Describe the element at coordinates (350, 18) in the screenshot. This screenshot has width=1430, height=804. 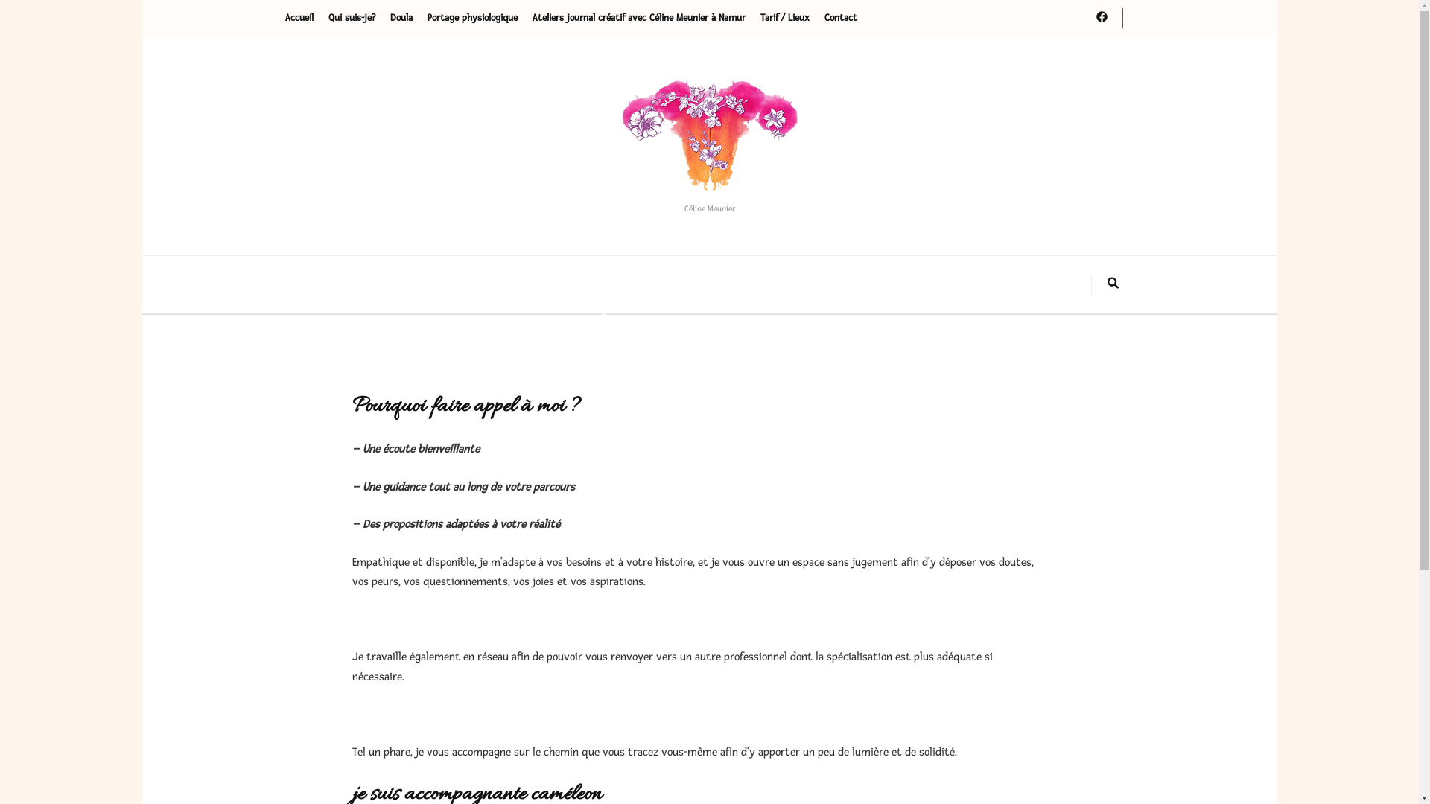
I see `'Qui suis-je?'` at that location.